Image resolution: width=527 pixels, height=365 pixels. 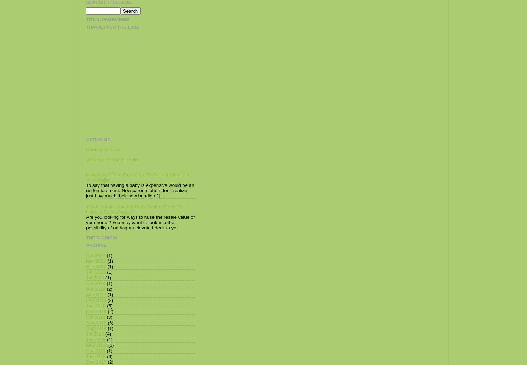 What do you see at coordinates (96, 294) in the screenshot?
I see `'Mar 2019'` at bounding box center [96, 294].